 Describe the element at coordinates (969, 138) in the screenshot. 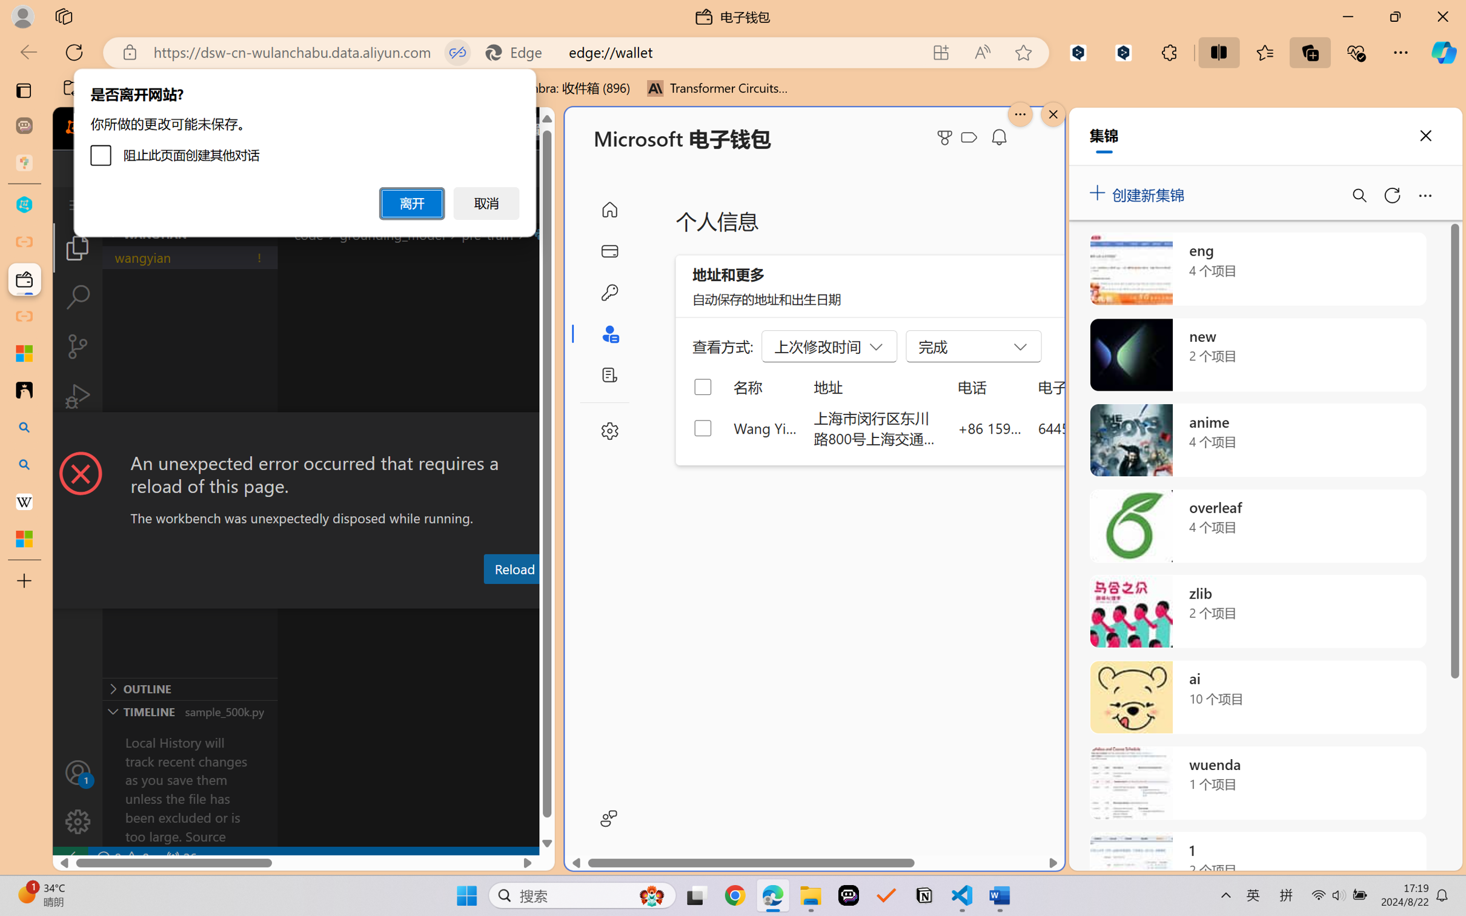

I see `'Class: ___1lmltc5 f1agt3bx f12qytpq'` at that location.